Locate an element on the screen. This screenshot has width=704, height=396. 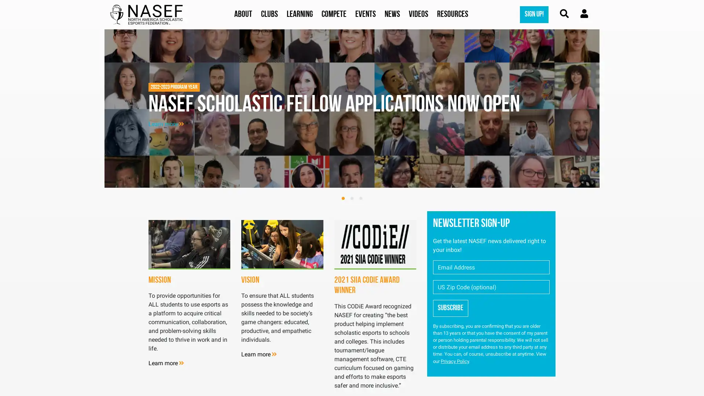
Subscribe is located at coordinates (450, 308).